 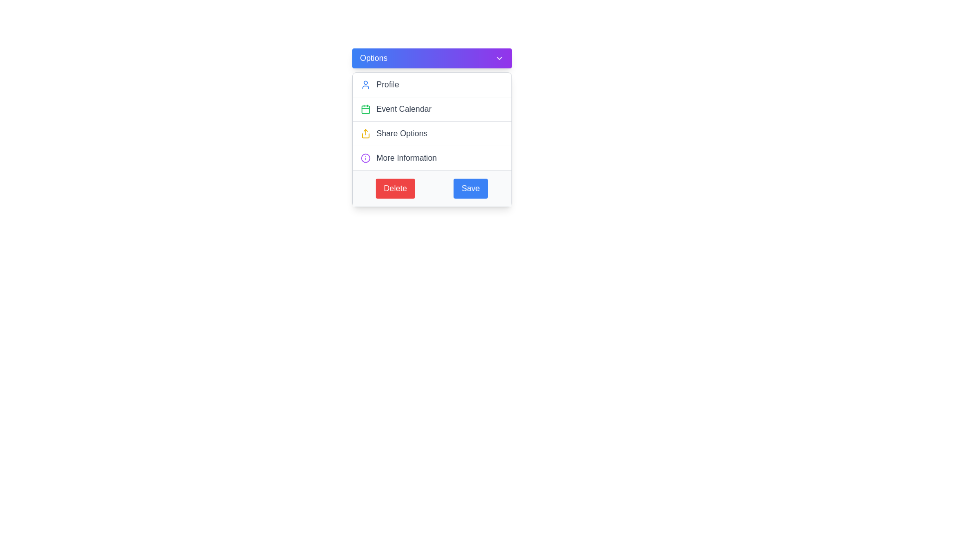 What do you see at coordinates (387, 84) in the screenshot?
I see `the 'Profile' text label, which is the top option in the dropdown menu labeled 'Options', positioned to the right of a blue user icon` at bounding box center [387, 84].